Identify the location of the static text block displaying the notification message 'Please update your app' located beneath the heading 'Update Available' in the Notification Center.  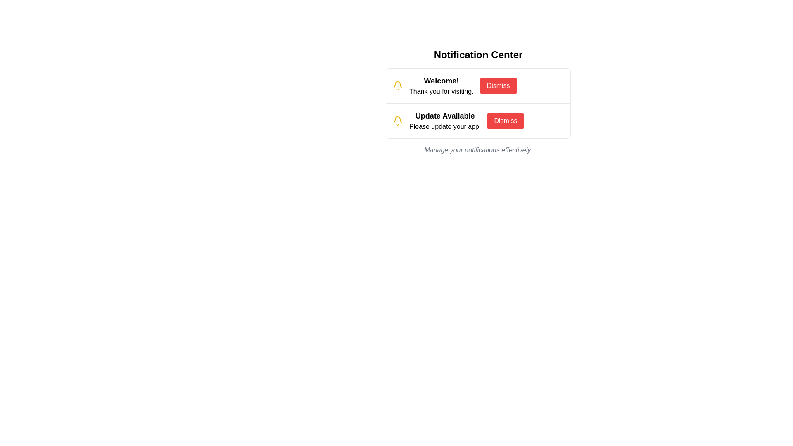
(444, 127).